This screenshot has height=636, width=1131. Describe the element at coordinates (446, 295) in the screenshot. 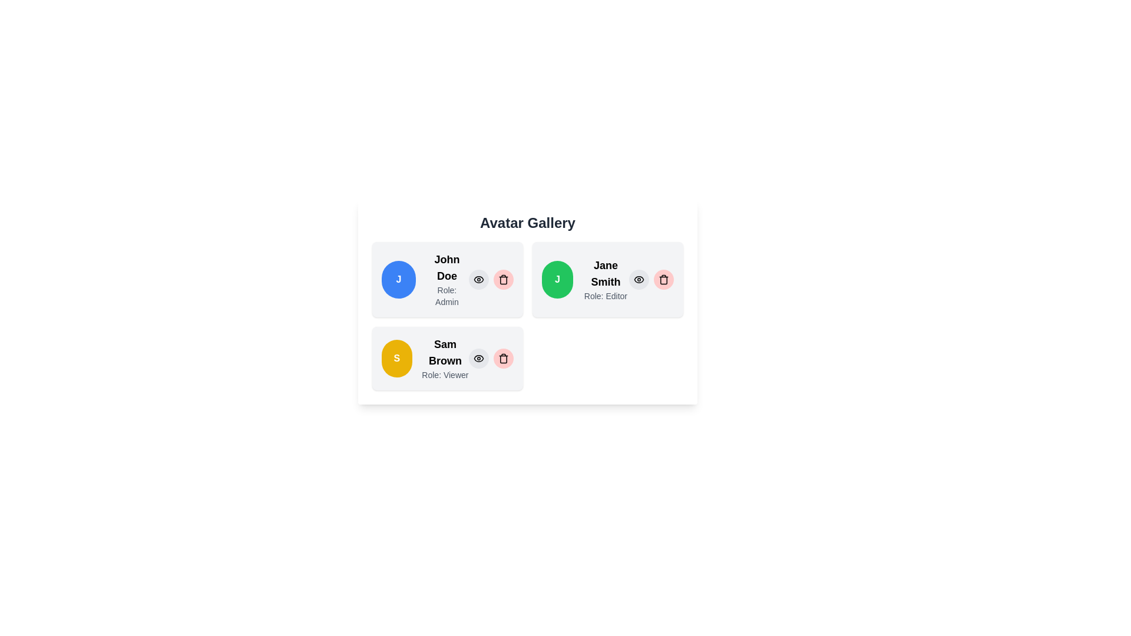

I see `the text label element displaying 'Role: Admin', which is located directly below 'John Doe' in the user information card` at that location.